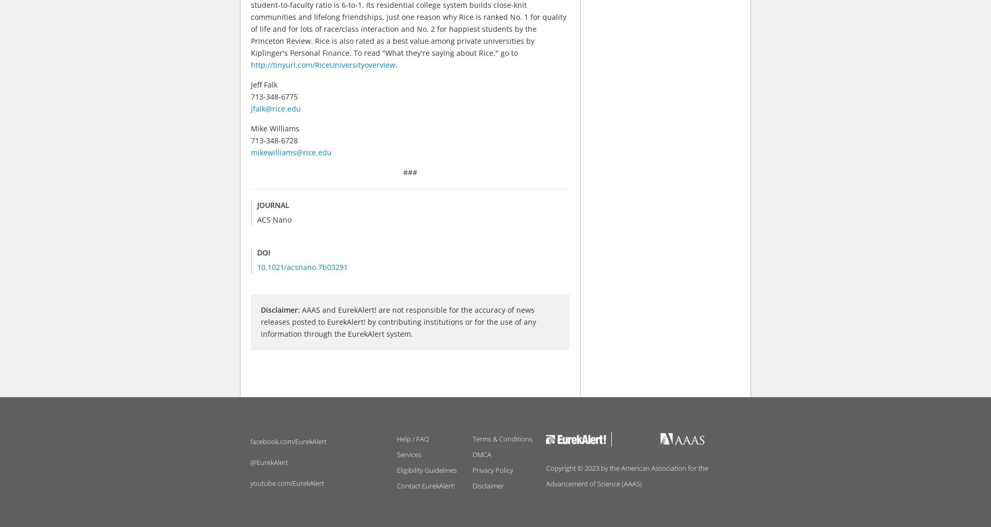 The height and width of the screenshot is (527, 991). What do you see at coordinates (287, 482) in the screenshot?
I see `'youtube.com/EurekAlert'` at bounding box center [287, 482].